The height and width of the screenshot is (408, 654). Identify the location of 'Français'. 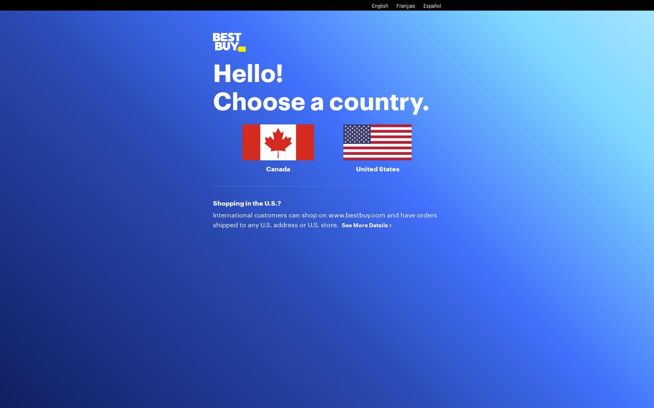
(405, 6).